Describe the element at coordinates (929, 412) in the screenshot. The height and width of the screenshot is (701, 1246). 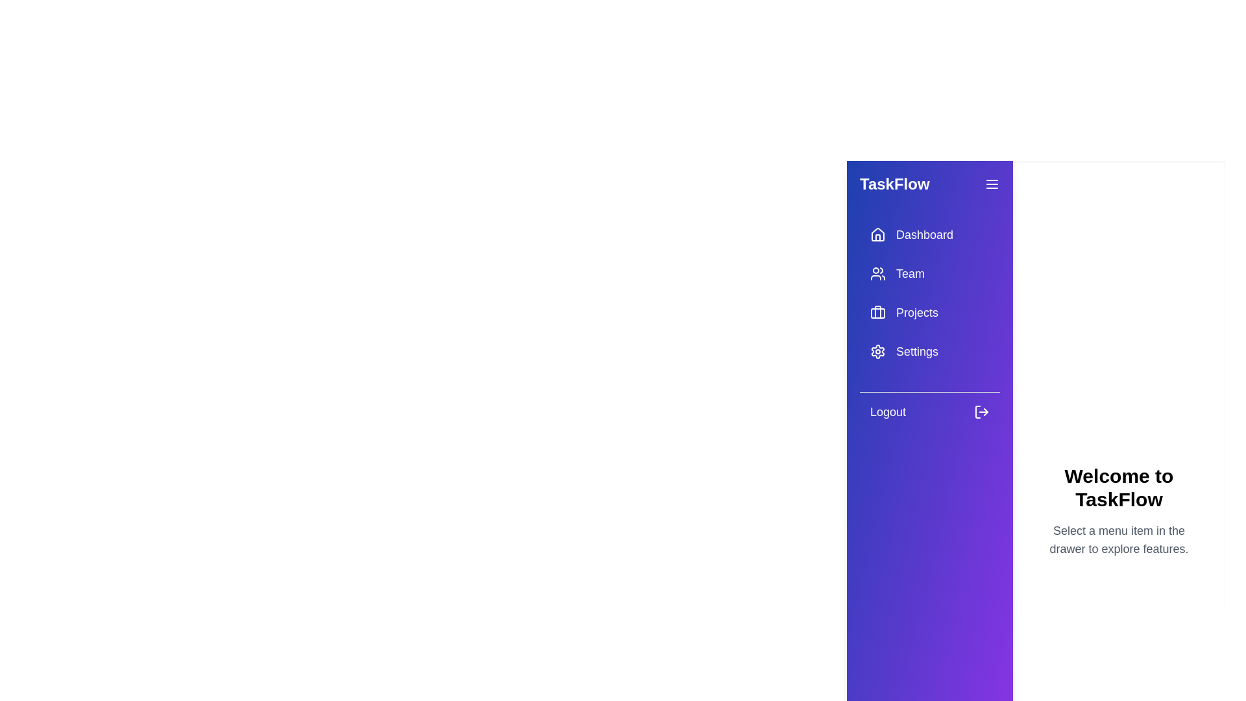
I see `the 'Logout' option in the drawer` at that location.